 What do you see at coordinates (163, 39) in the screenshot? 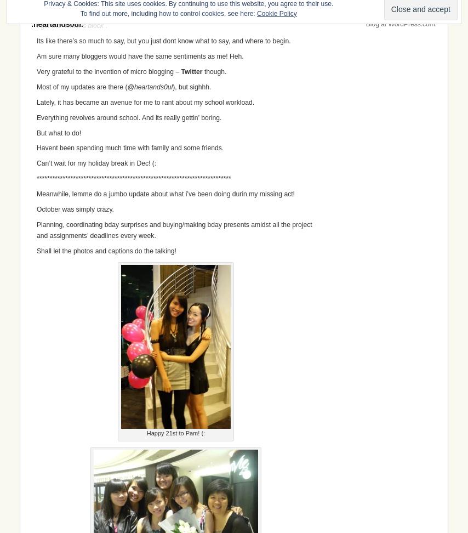
I see `'Its like there’s so much to say, but you just dont know what to say, and where to begin.'` at bounding box center [163, 39].